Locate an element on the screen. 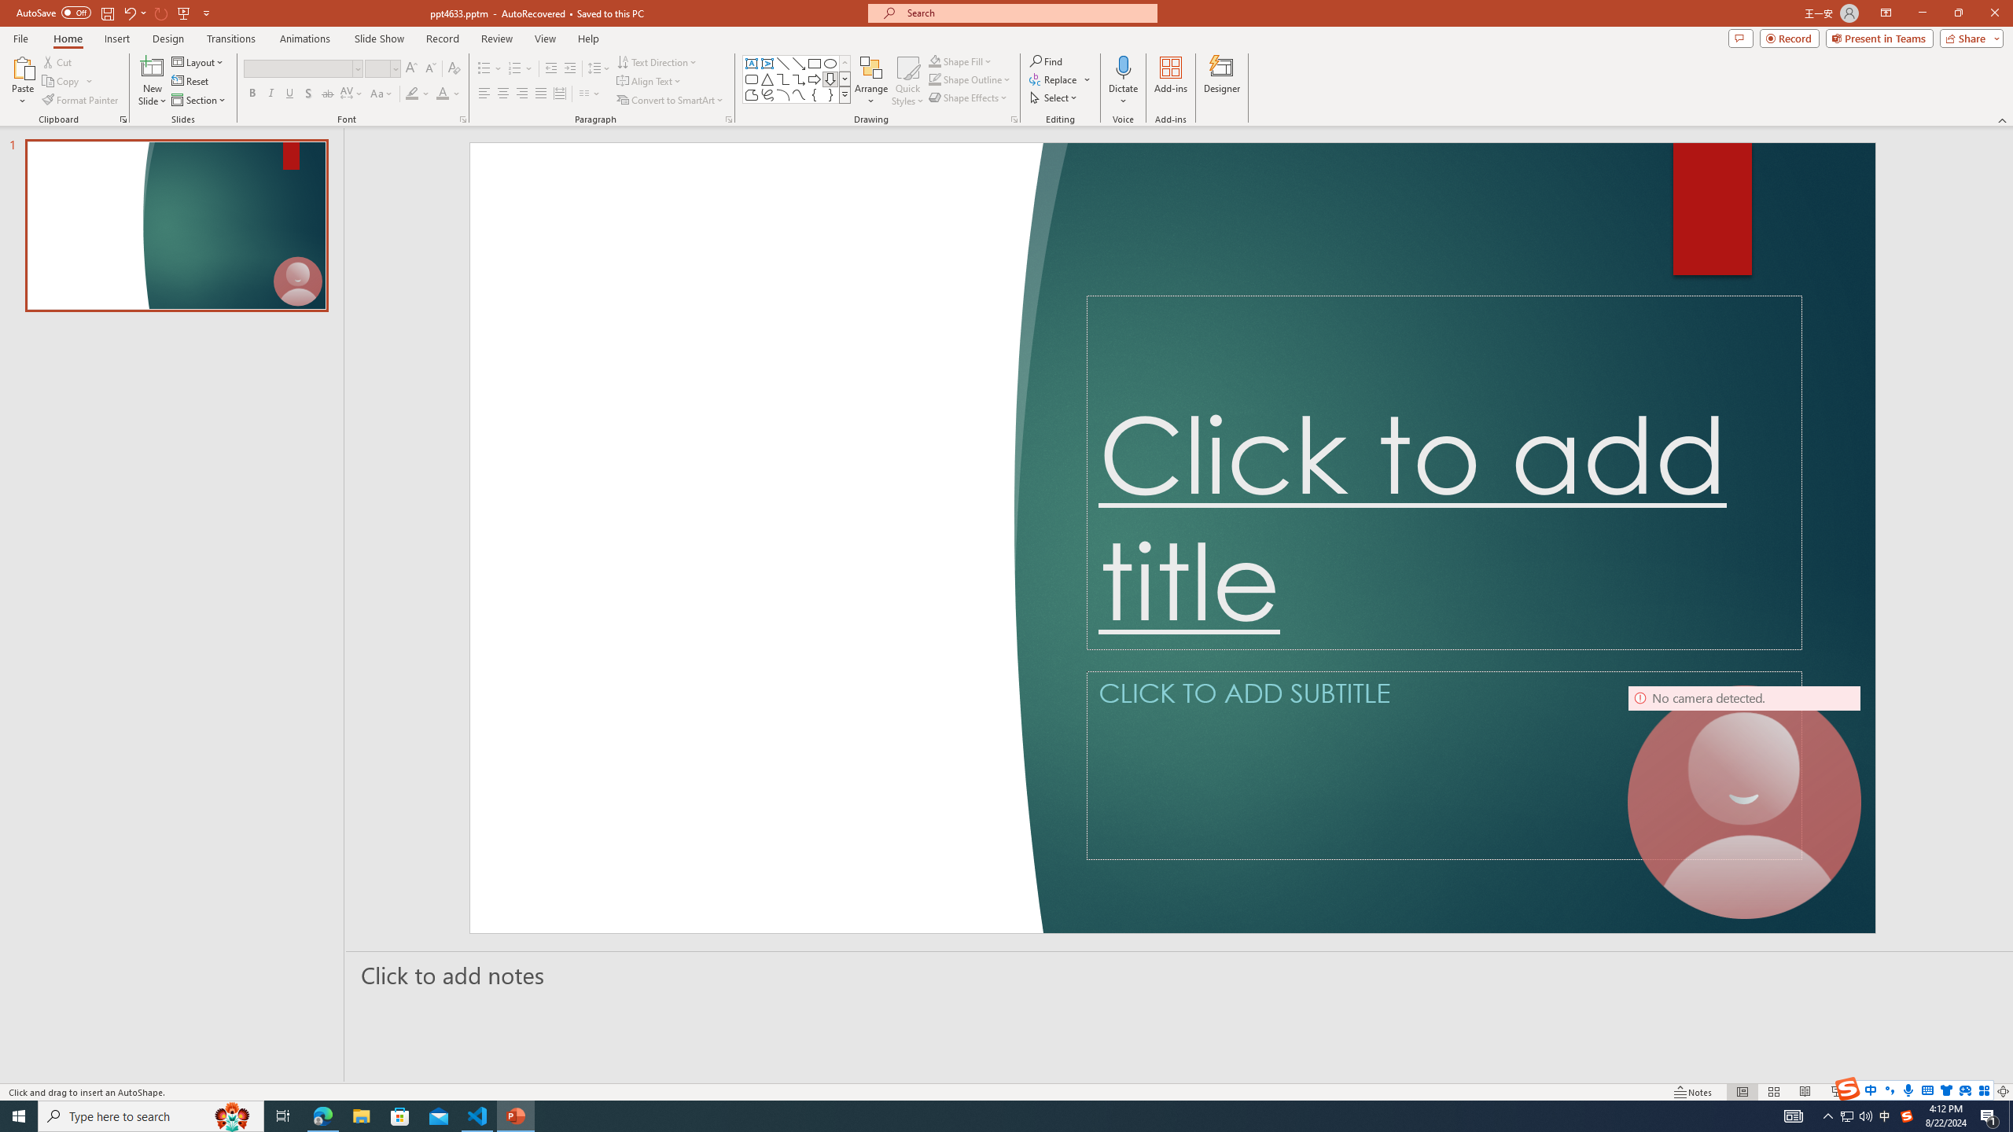 The image size is (2013, 1132). 'Shape Effects' is located at coordinates (968, 96).